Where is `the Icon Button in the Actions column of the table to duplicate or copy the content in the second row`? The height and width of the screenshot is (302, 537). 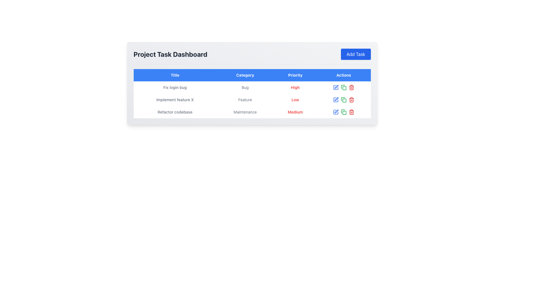
the Icon Button in the Actions column of the table to duplicate or copy the content in the second row is located at coordinates (343, 87).